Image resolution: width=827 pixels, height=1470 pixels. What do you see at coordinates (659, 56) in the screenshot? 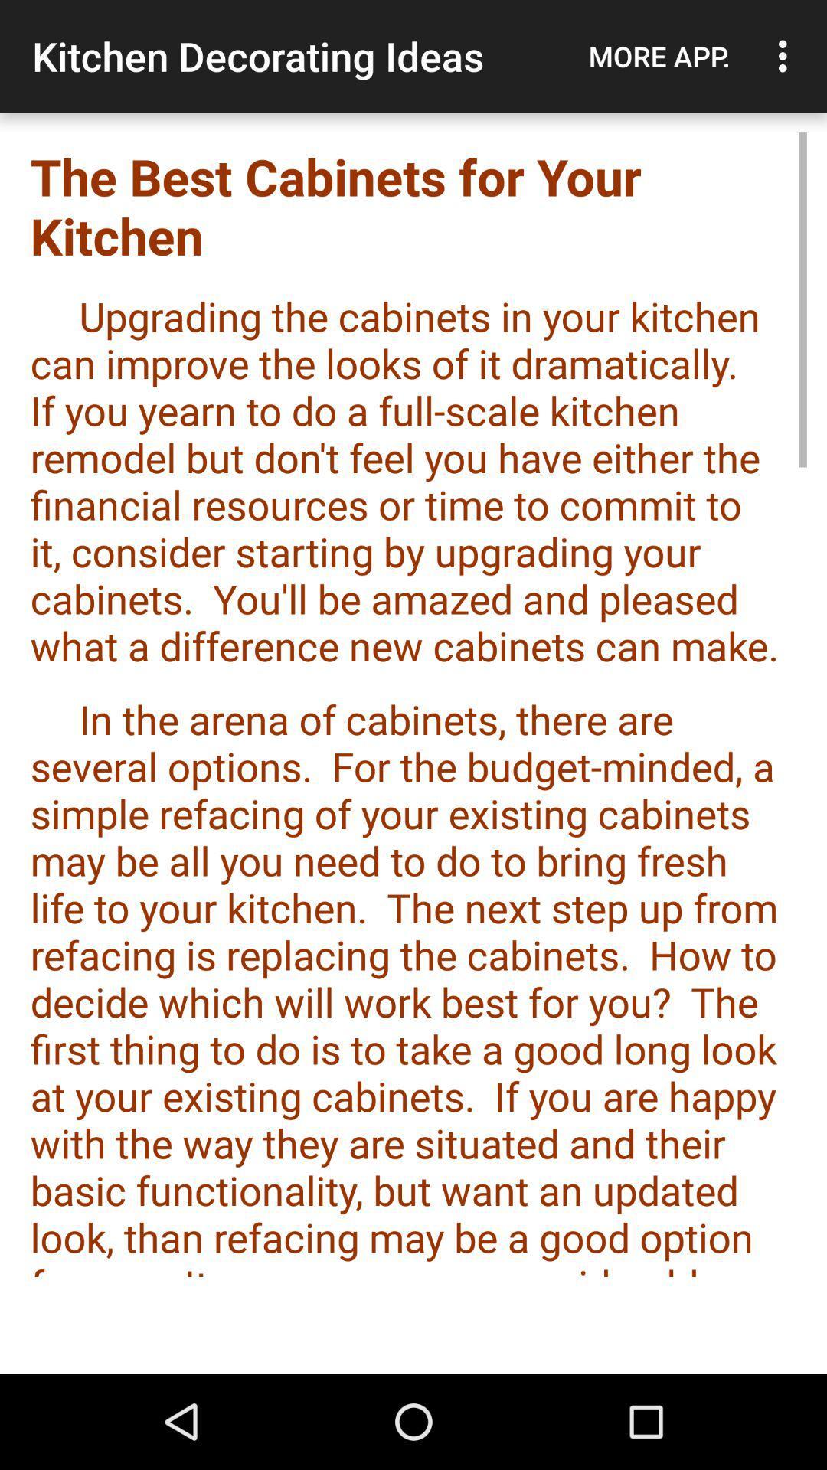
I see `the app to the right of kitchen decorating ideas app` at bounding box center [659, 56].